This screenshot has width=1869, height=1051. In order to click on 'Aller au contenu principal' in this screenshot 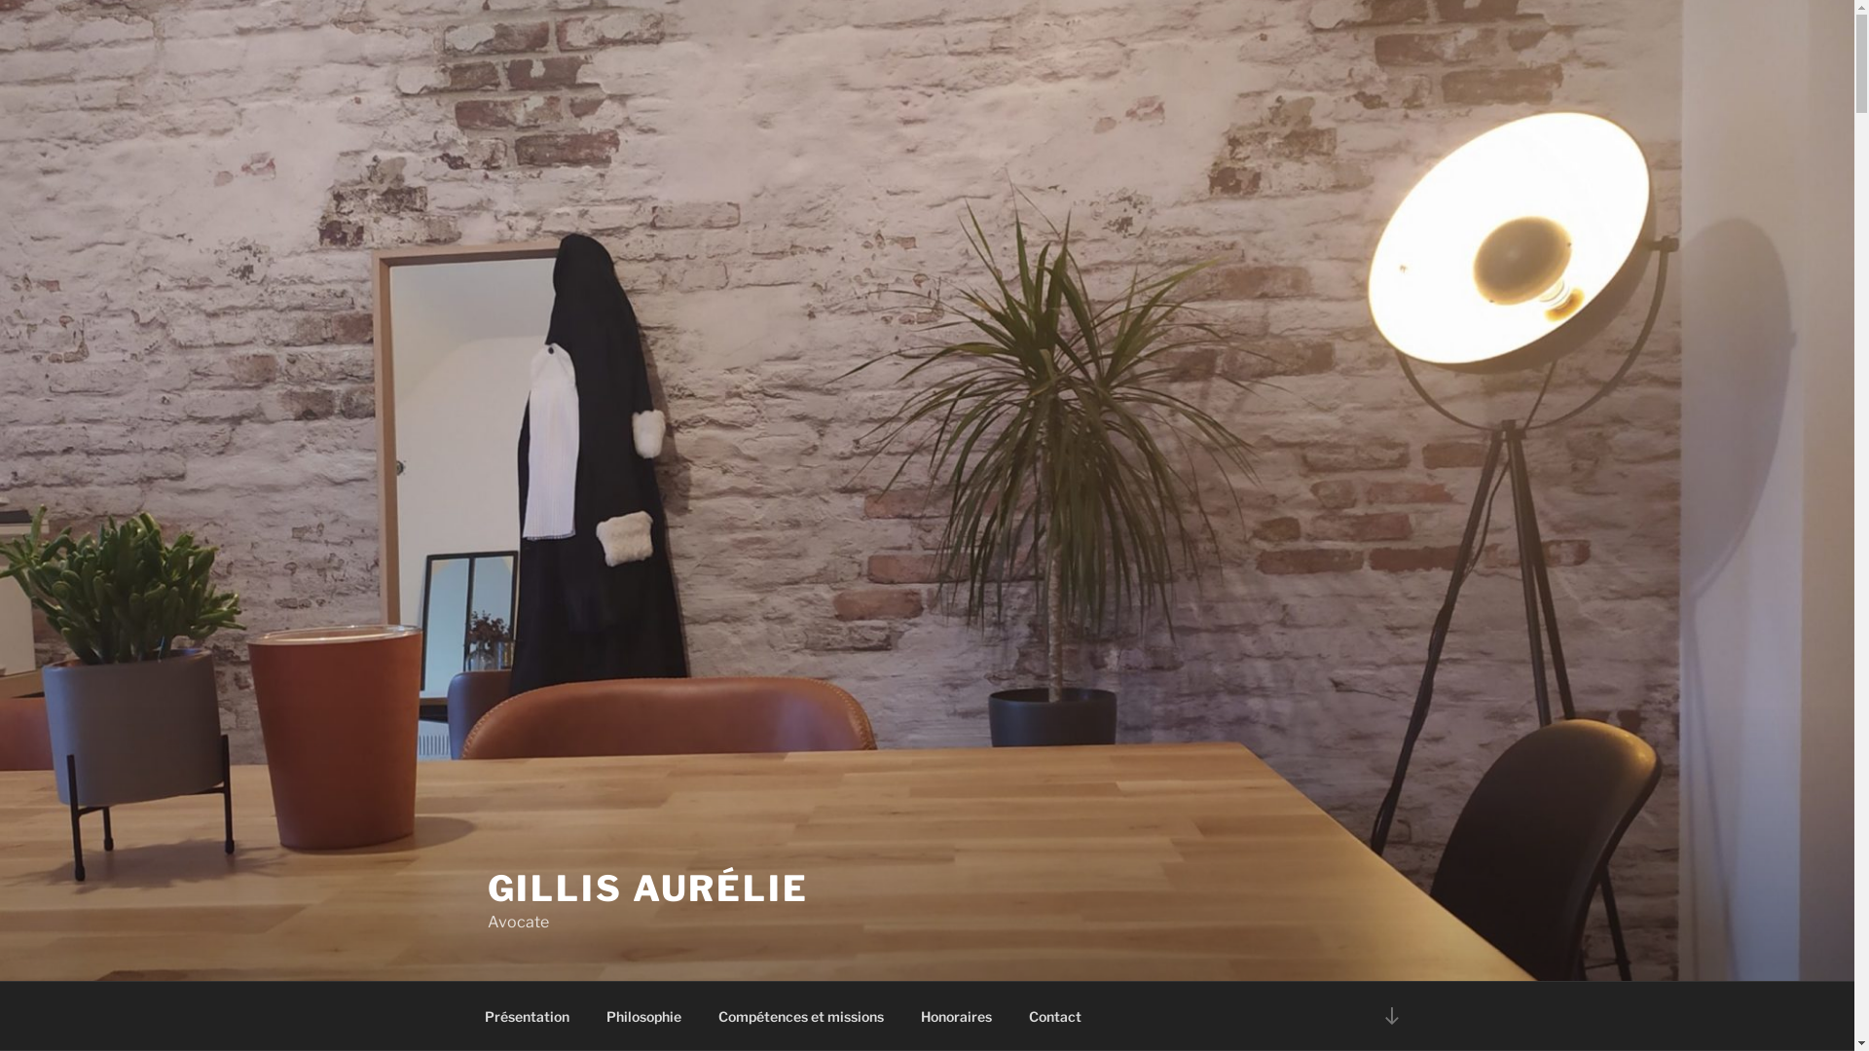, I will do `click(0, 0)`.